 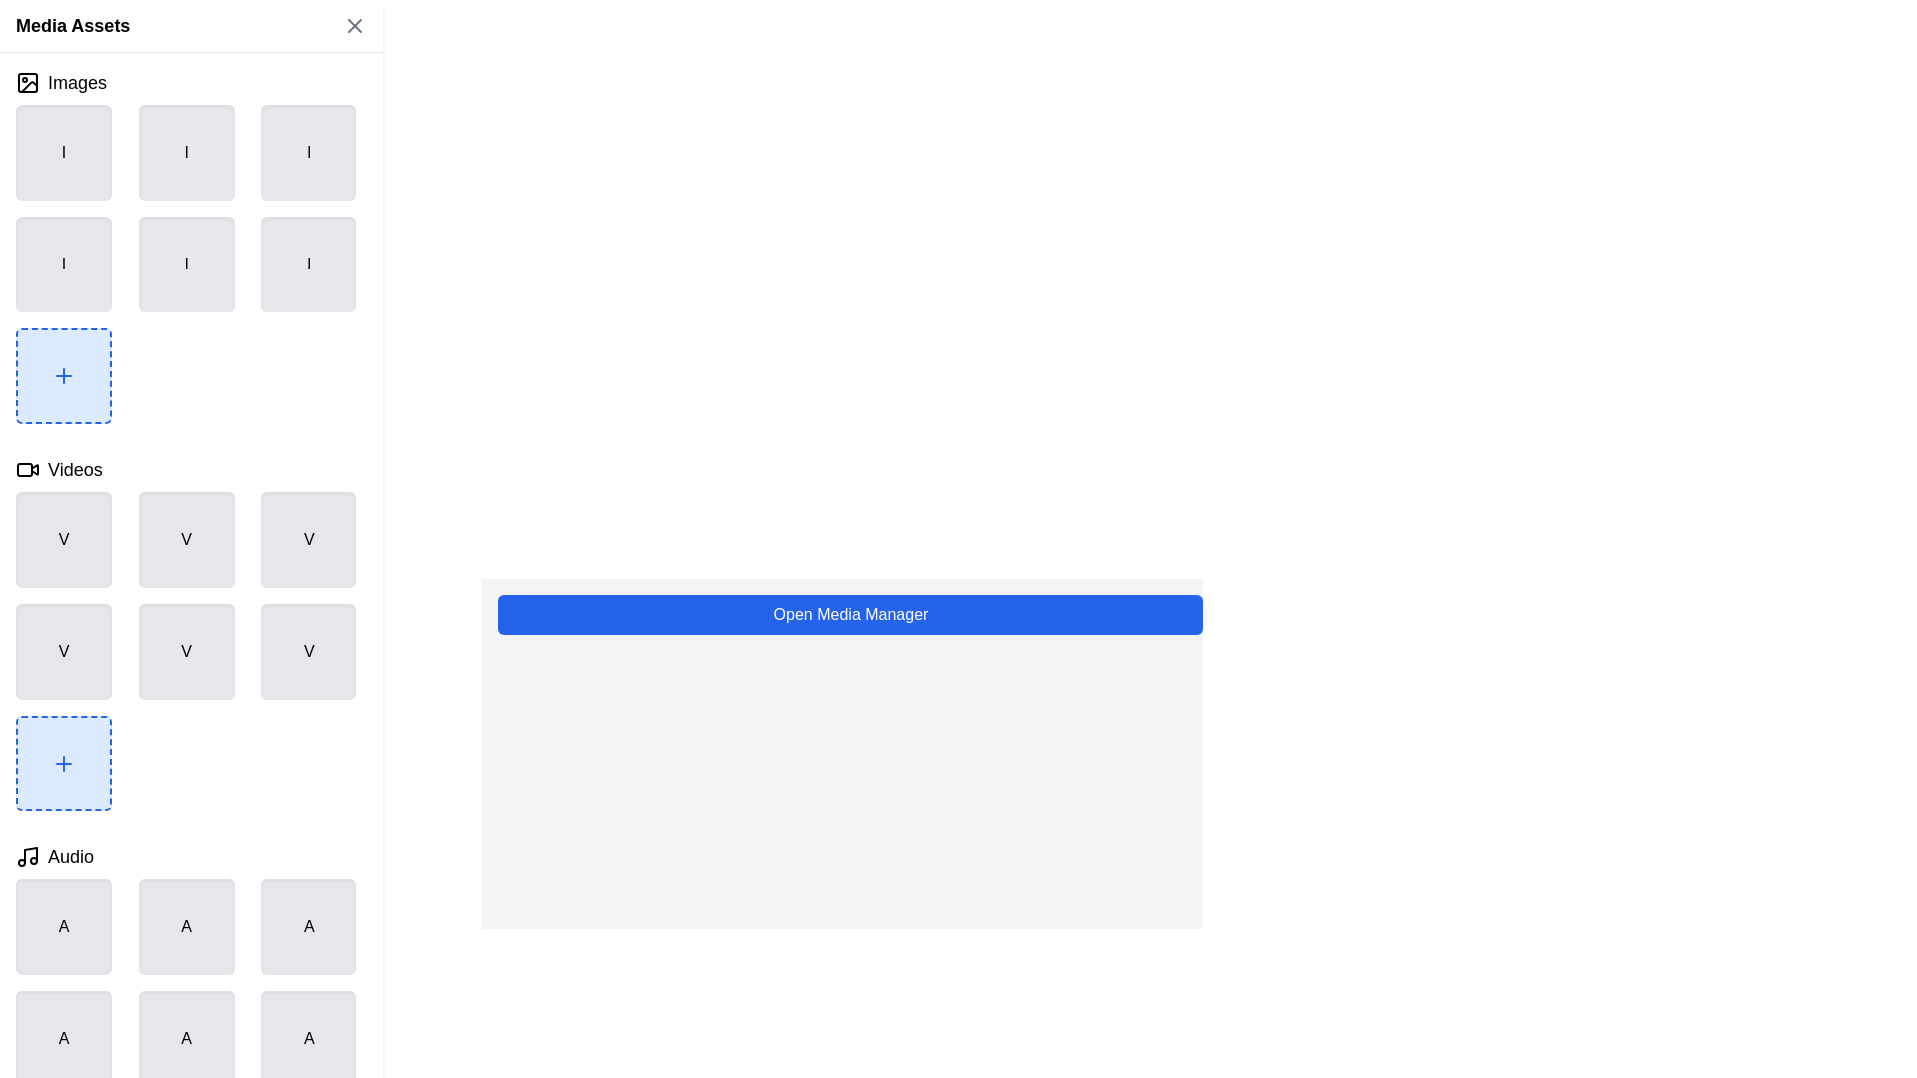 What do you see at coordinates (186, 152) in the screenshot?
I see `the static content block with a light grey background and a centered label 'I' in black text, located in the first row, second column of the grid` at bounding box center [186, 152].